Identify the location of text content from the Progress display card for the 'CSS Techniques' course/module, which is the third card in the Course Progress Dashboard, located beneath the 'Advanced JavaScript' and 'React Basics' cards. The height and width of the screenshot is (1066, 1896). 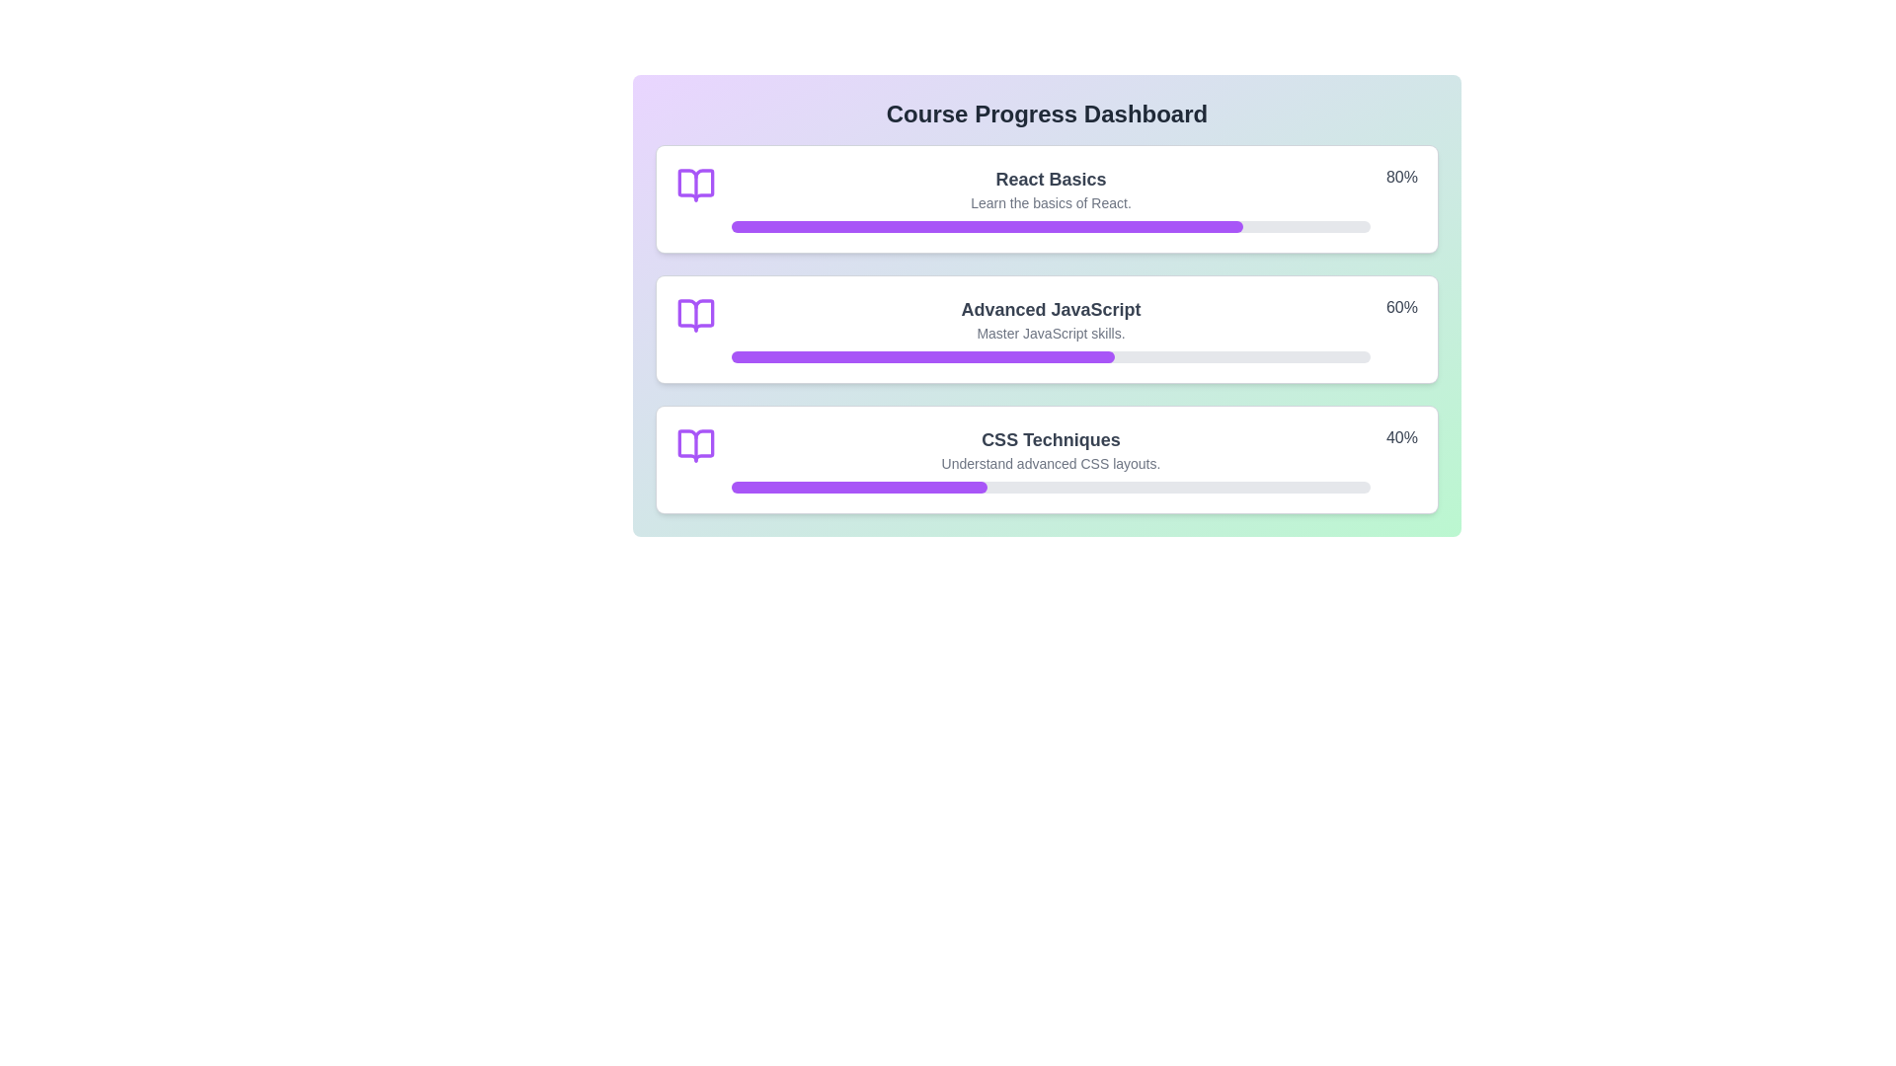
(1046, 460).